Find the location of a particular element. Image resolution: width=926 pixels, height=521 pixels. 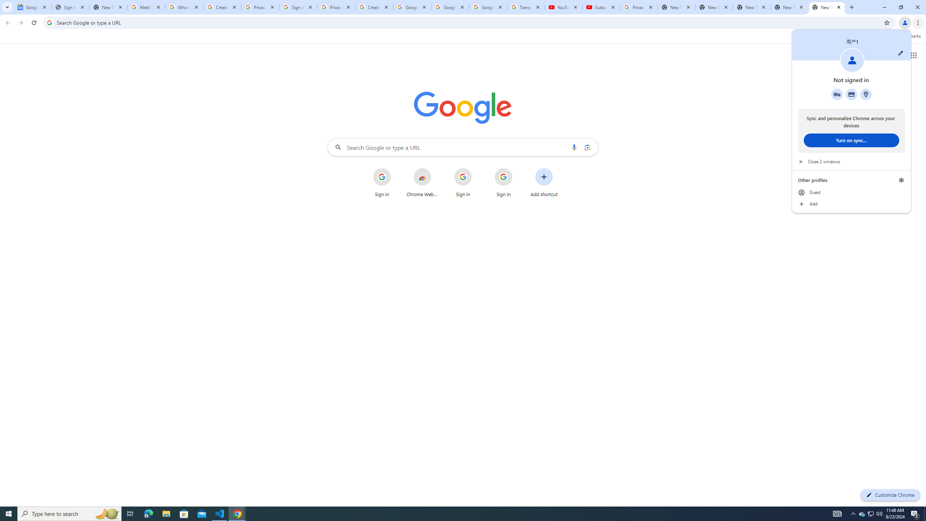

'Show desktop' is located at coordinates (925, 513).